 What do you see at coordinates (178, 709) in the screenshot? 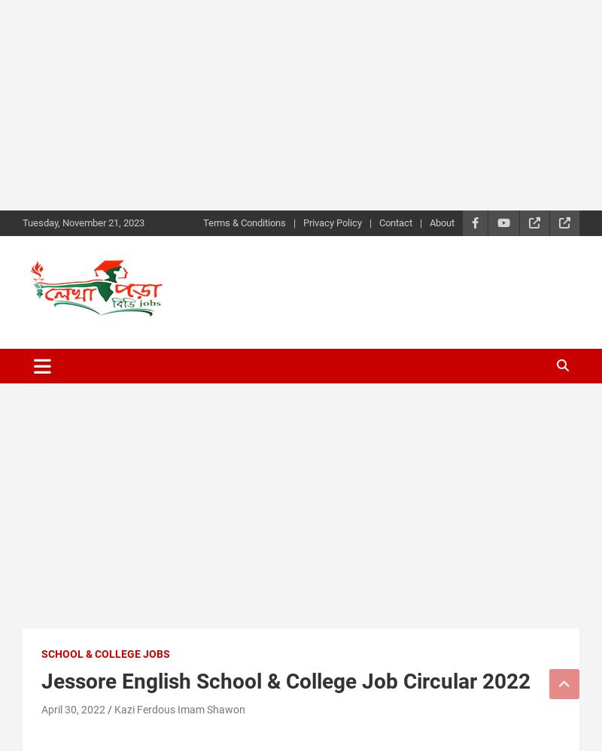
I see `'Kazi Ferdous Imam Shawon'` at bounding box center [178, 709].